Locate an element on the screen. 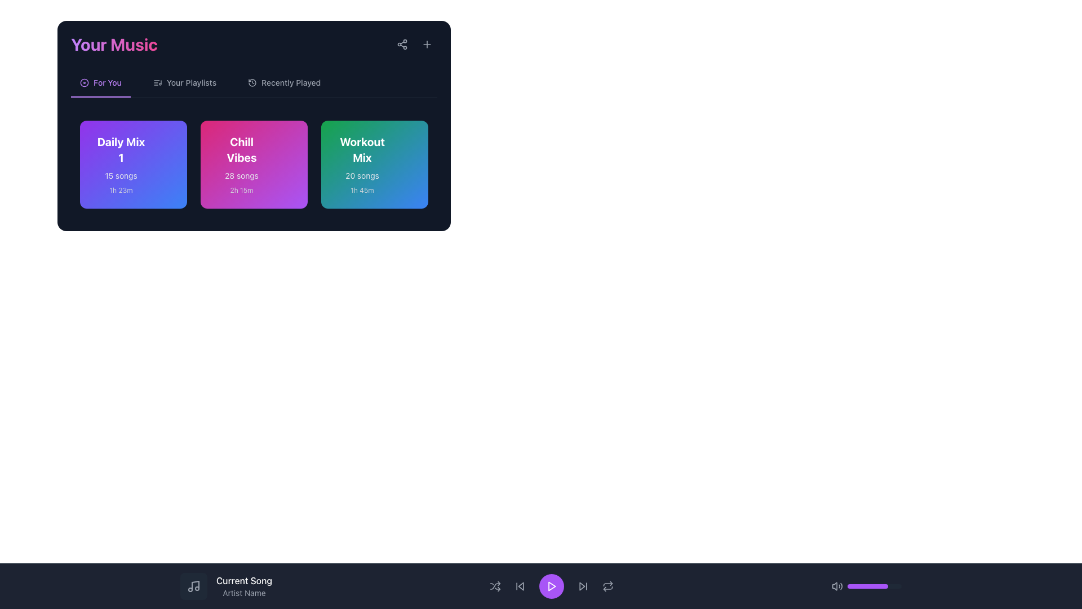 The height and width of the screenshot is (609, 1082). the 'Chill Vibes' card, which has a gradient background from pink to purple and displays the title in bold white text is located at coordinates (254, 126).